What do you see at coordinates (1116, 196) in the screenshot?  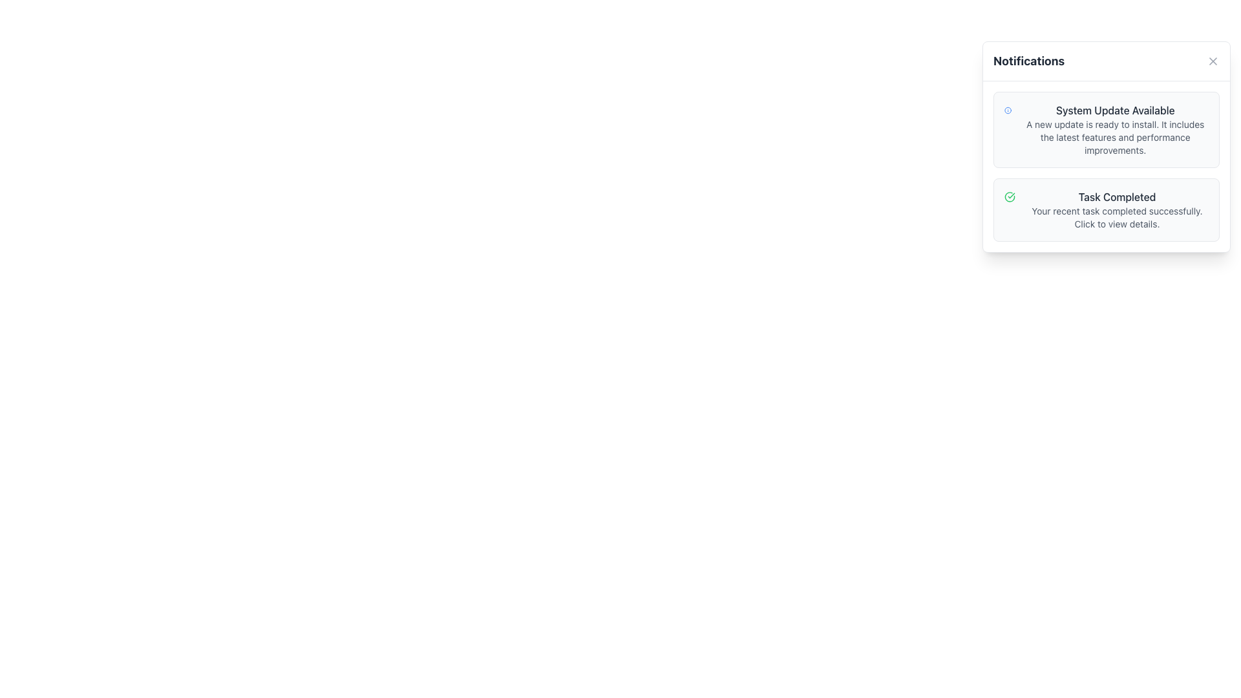 I see `the title text label of the notification indicating successful completion of a task, which is located in the second notification entry above the text 'Your recent task completed successfully.' and aligned with a green checkmark icon` at bounding box center [1116, 196].